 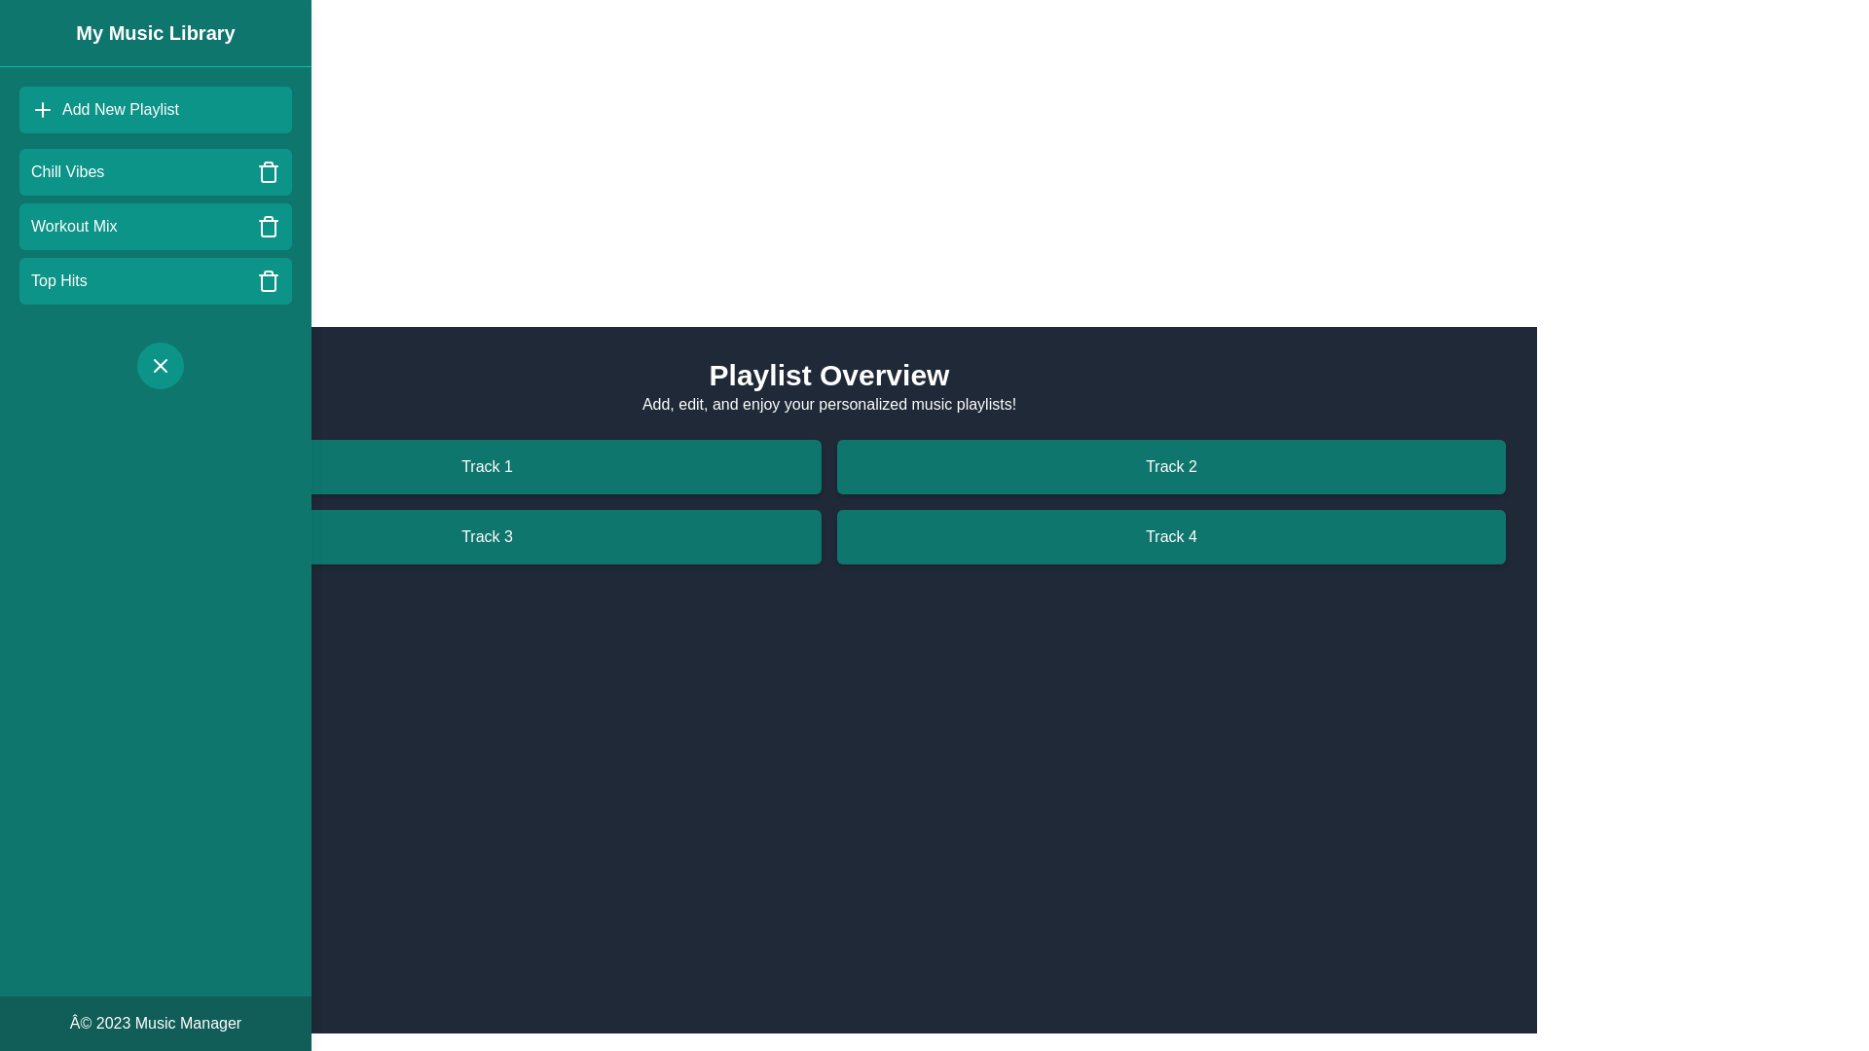 I want to click on the text label displaying the name of the third playlist in the left sidebar, so click(x=74, y=225).